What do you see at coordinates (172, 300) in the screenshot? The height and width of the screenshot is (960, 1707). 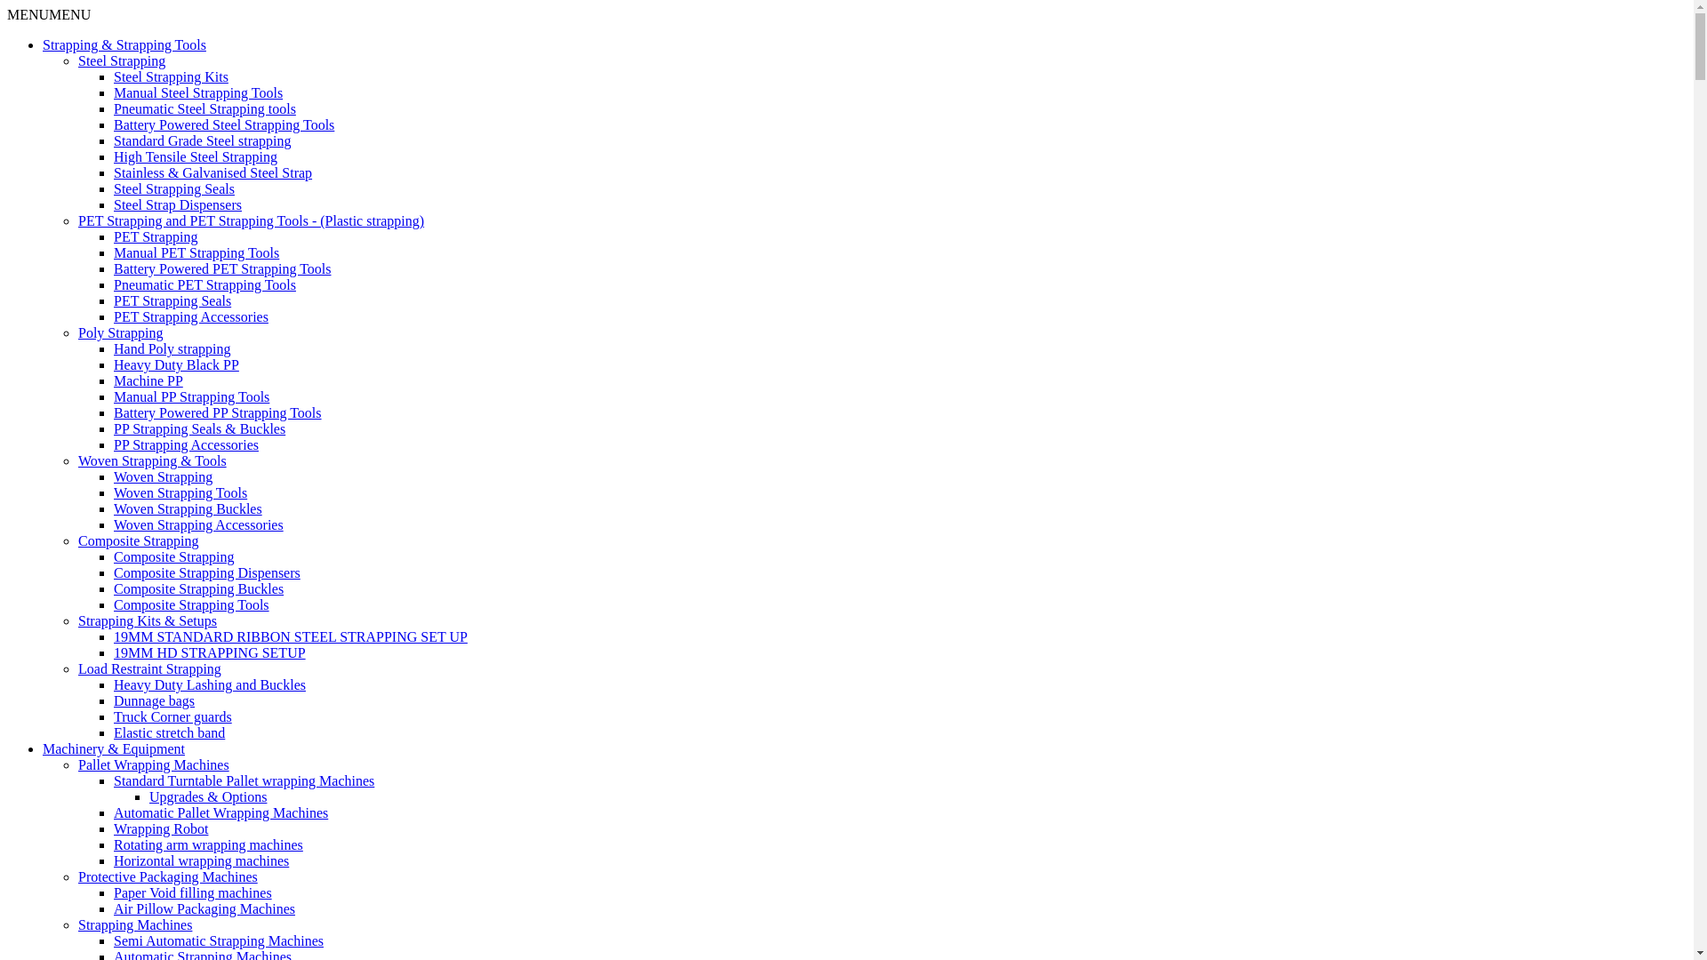 I see `'PET Strapping Seals'` at bounding box center [172, 300].